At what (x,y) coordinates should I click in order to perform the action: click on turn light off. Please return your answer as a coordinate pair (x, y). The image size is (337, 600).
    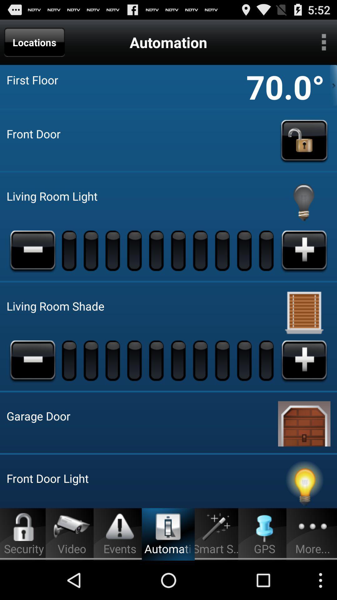
    Looking at the image, I should click on (304, 484).